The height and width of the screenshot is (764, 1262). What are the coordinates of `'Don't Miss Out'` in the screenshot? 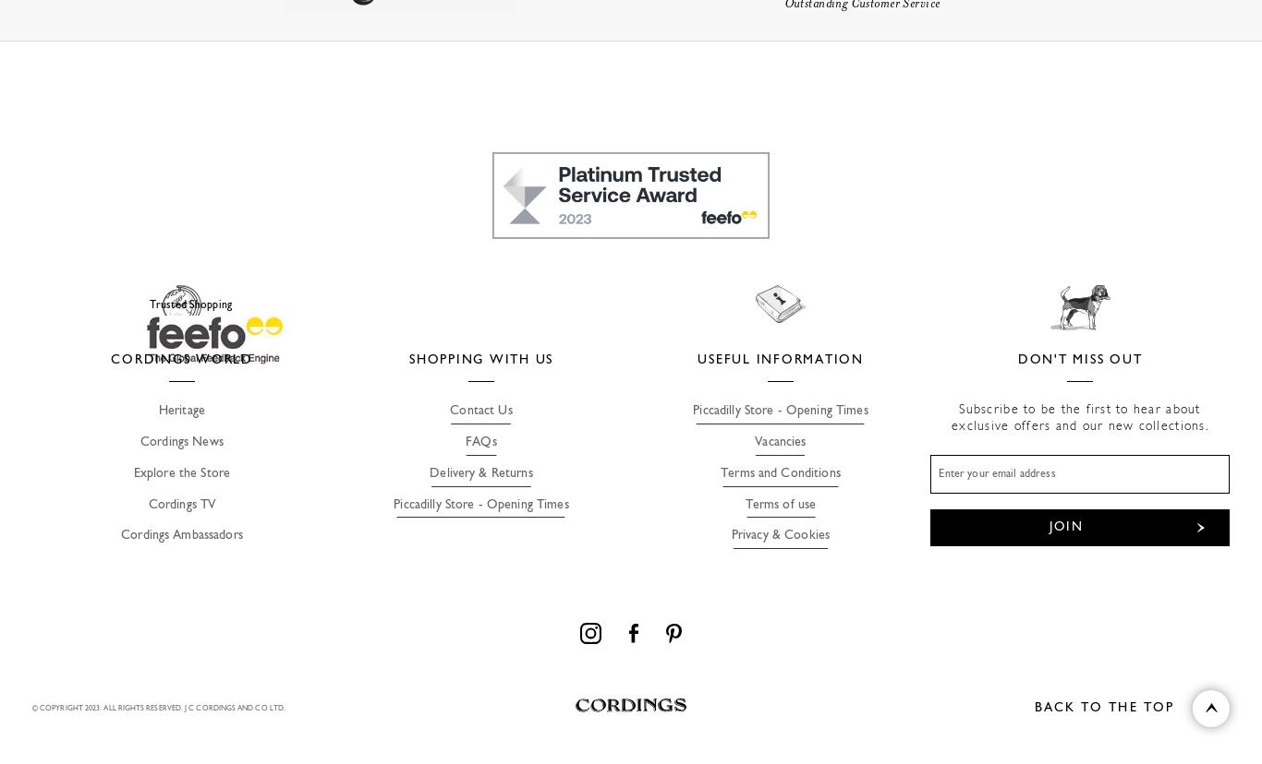 It's located at (1079, 358).